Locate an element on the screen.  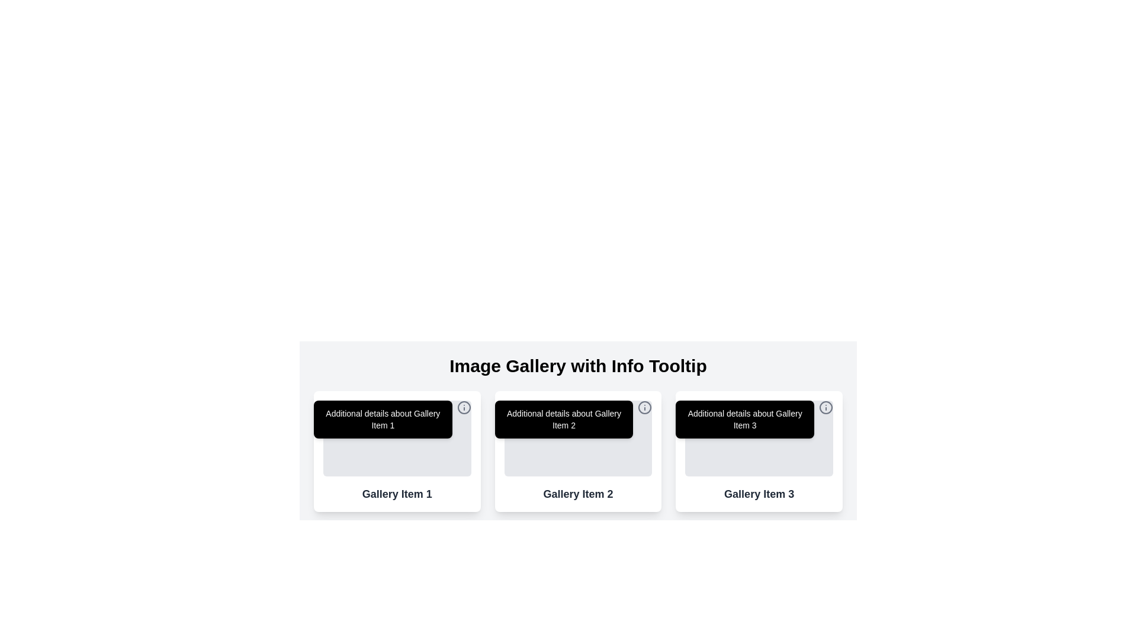
the second card in the horizontal gallery layout is located at coordinates (578, 452).